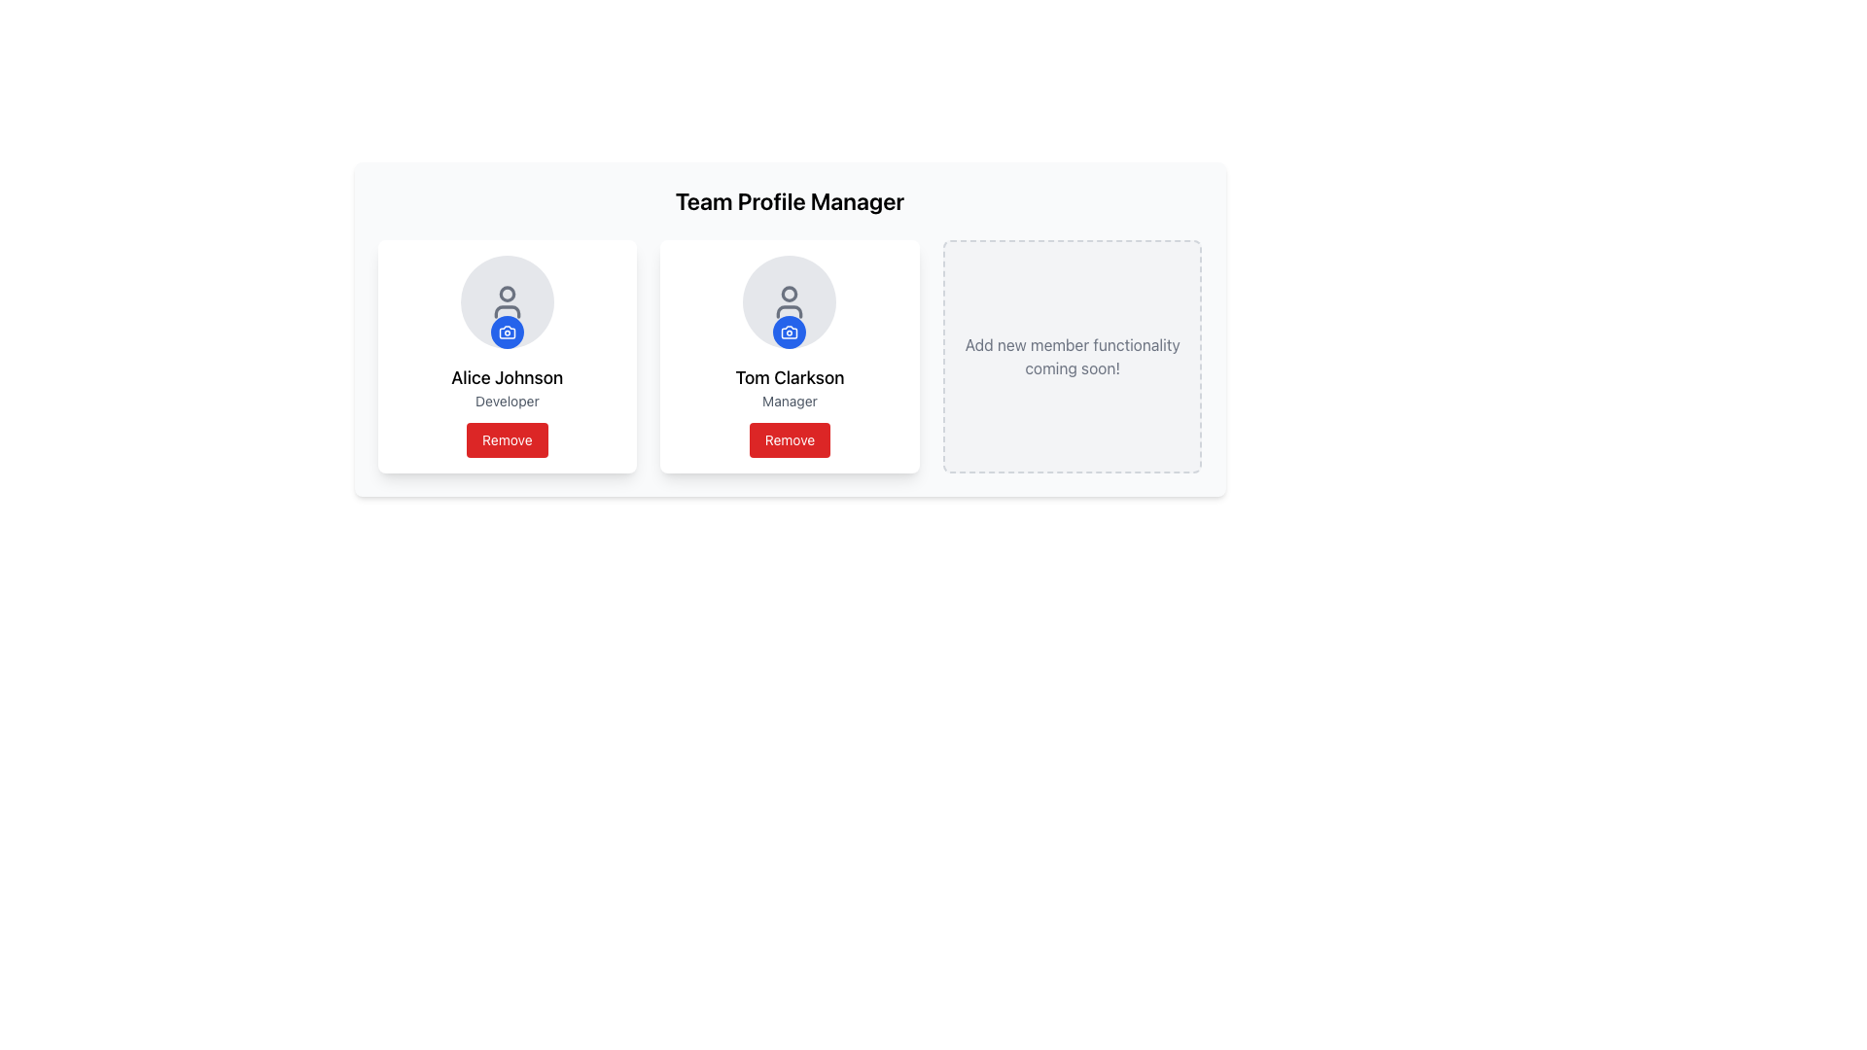  What do you see at coordinates (507, 378) in the screenshot?
I see `the text label displaying 'Alice Johnson'` at bounding box center [507, 378].